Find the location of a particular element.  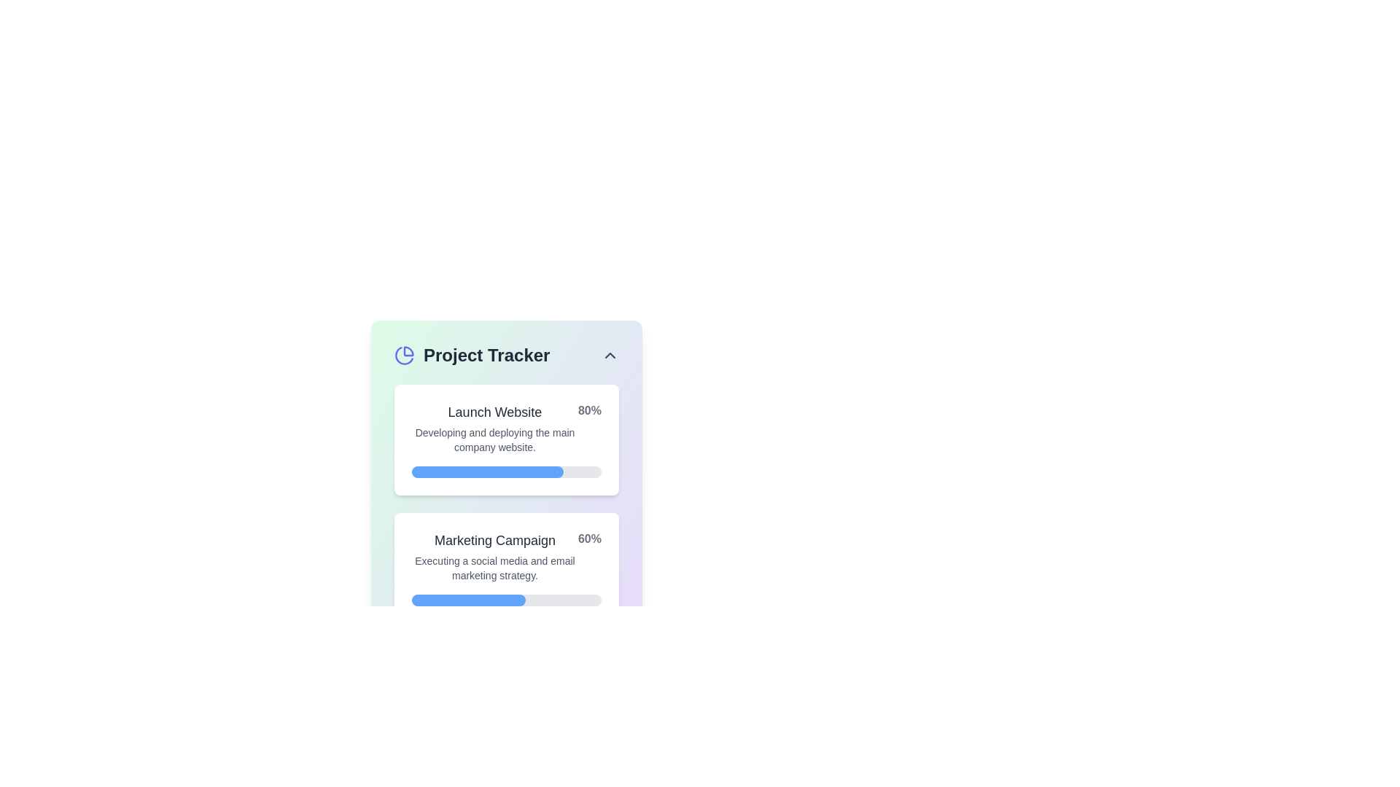

the progress bar indicating 60% completion located below the marketing campaign text is located at coordinates (507, 600).